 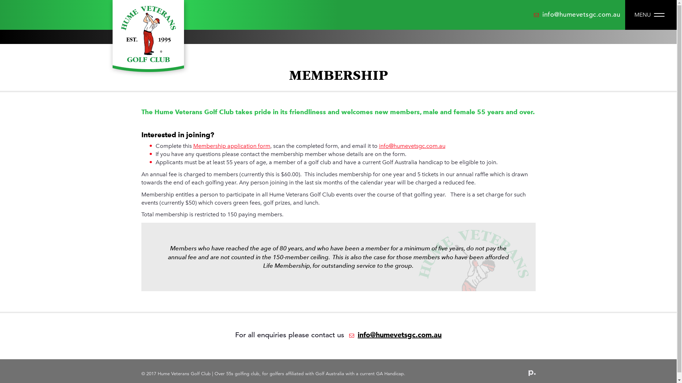 What do you see at coordinates (232, 145) in the screenshot?
I see `'Membership application form'` at bounding box center [232, 145].